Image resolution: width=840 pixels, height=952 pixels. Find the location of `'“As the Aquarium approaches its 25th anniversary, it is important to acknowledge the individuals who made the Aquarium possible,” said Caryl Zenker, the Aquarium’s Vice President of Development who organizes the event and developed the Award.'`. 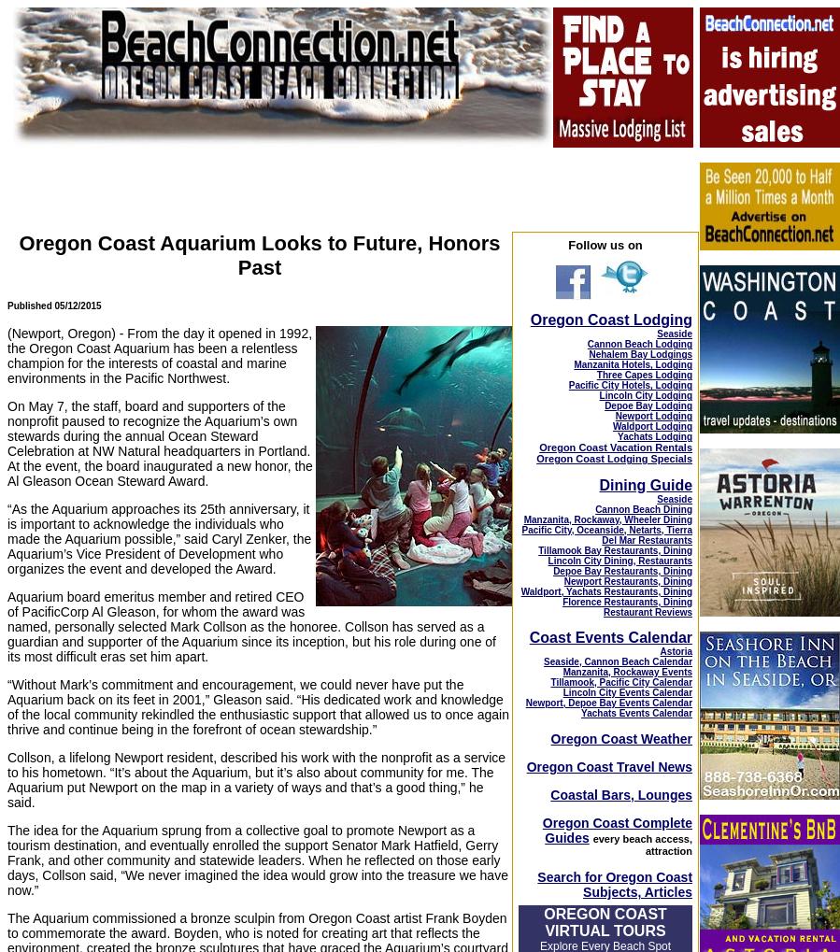

'“As the Aquarium approaches its 25th anniversary, it is important to acknowledge the individuals who made the Aquarium possible,” said Caryl Zenker, the Aquarium’s Vice President of Development who organizes the event and developed the Award.' is located at coordinates (159, 537).